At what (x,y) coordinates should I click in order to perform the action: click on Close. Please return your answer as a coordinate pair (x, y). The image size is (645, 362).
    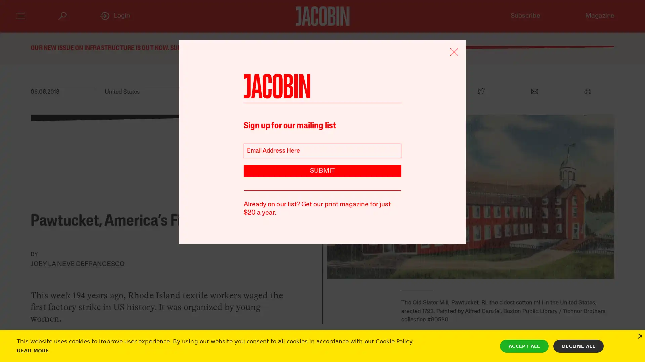
    Looking at the image, I should click on (639, 336).